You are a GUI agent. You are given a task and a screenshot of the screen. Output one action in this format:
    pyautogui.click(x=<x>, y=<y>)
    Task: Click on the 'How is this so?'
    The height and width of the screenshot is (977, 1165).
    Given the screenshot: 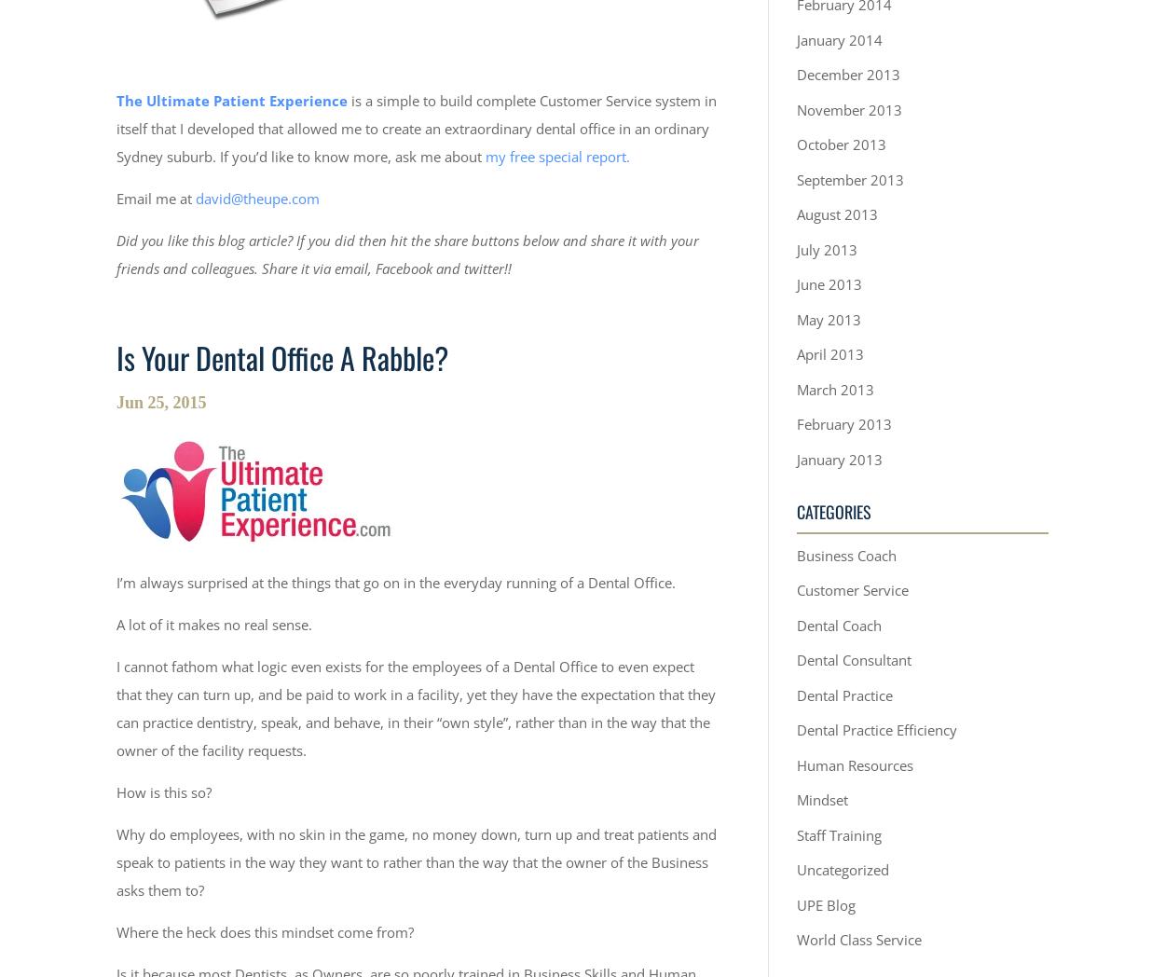 What is the action you would take?
    pyautogui.click(x=116, y=792)
    